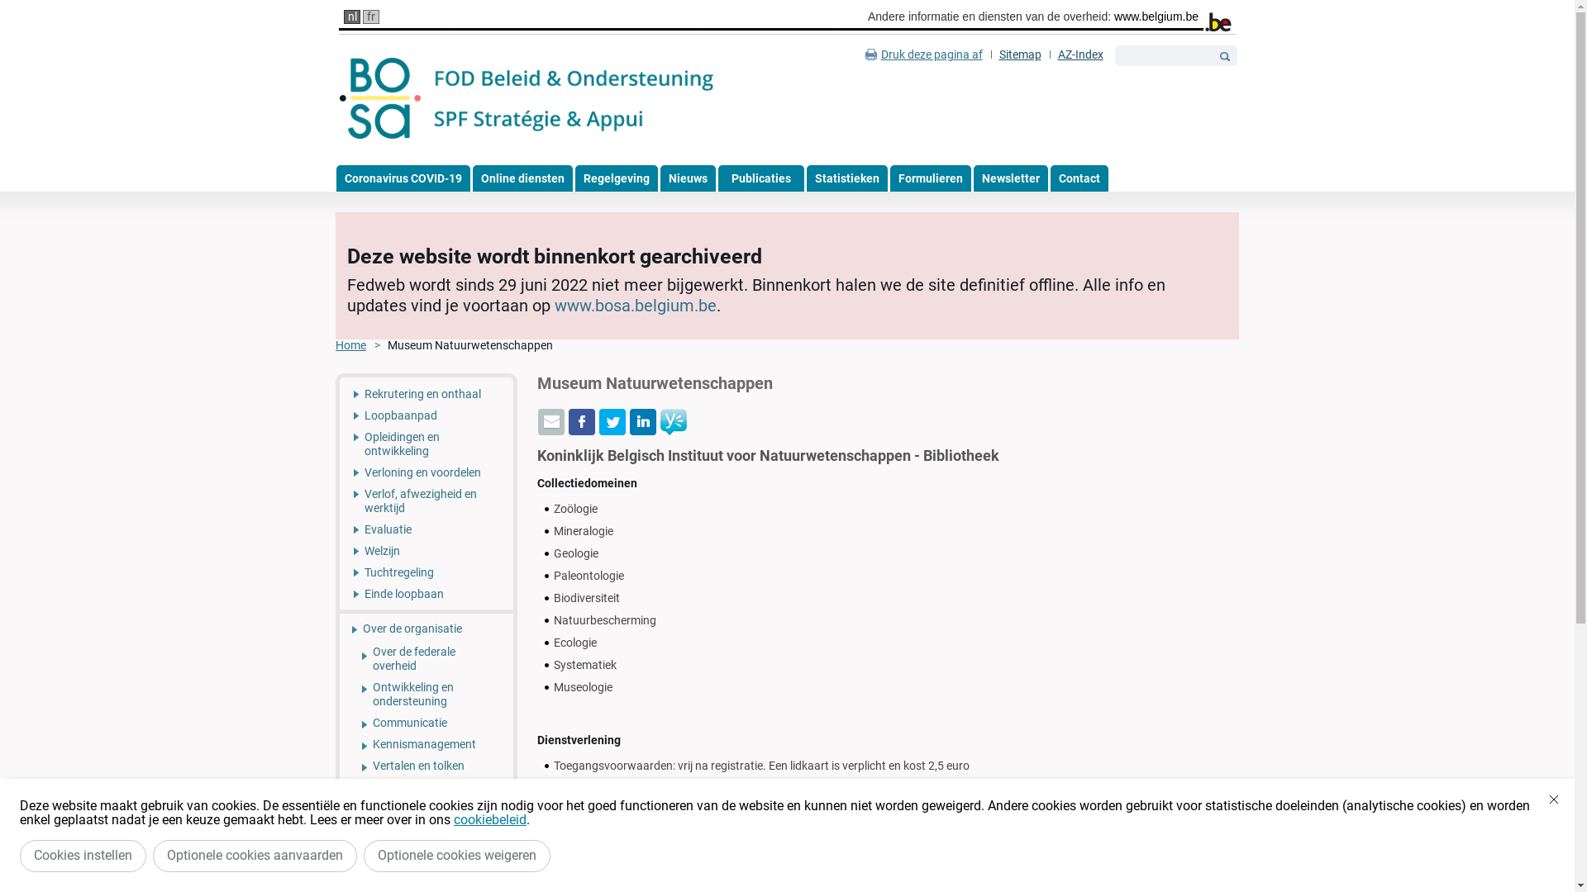  Describe the element at coordinates (361, 17) in the screenshot. I see `'fr'` at that location.